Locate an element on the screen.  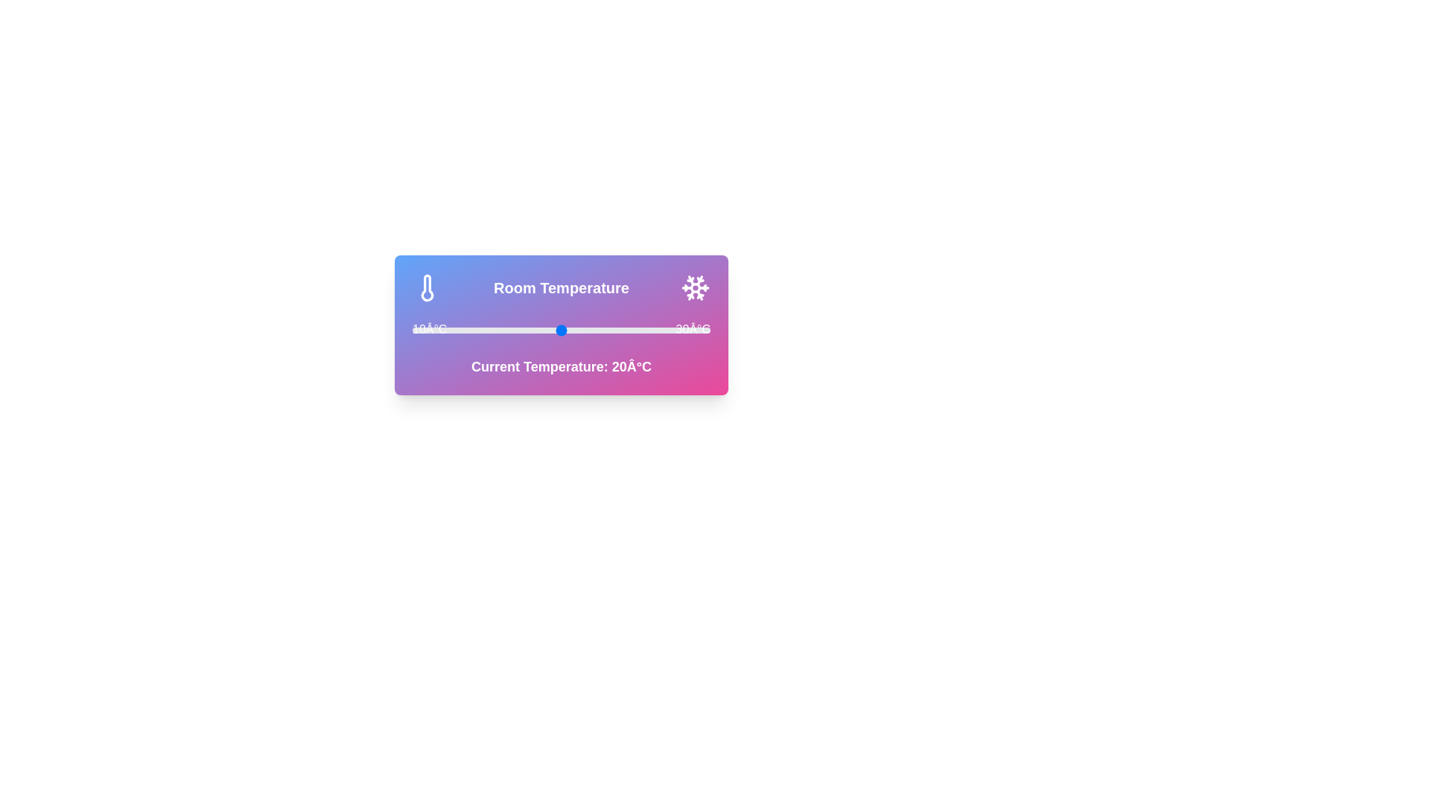
the snowflake icon is located at coordinates (694, 287).